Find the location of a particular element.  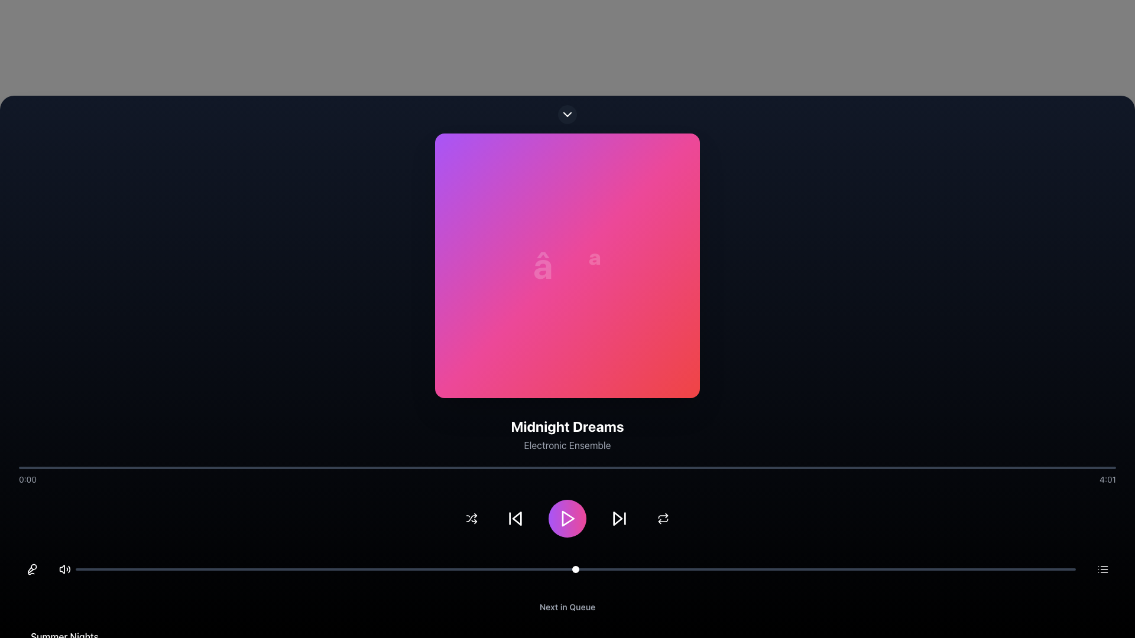

the Button that expands or collapses additional content, centrally positioned above the colorful square image is located at coordinates (567, 114).